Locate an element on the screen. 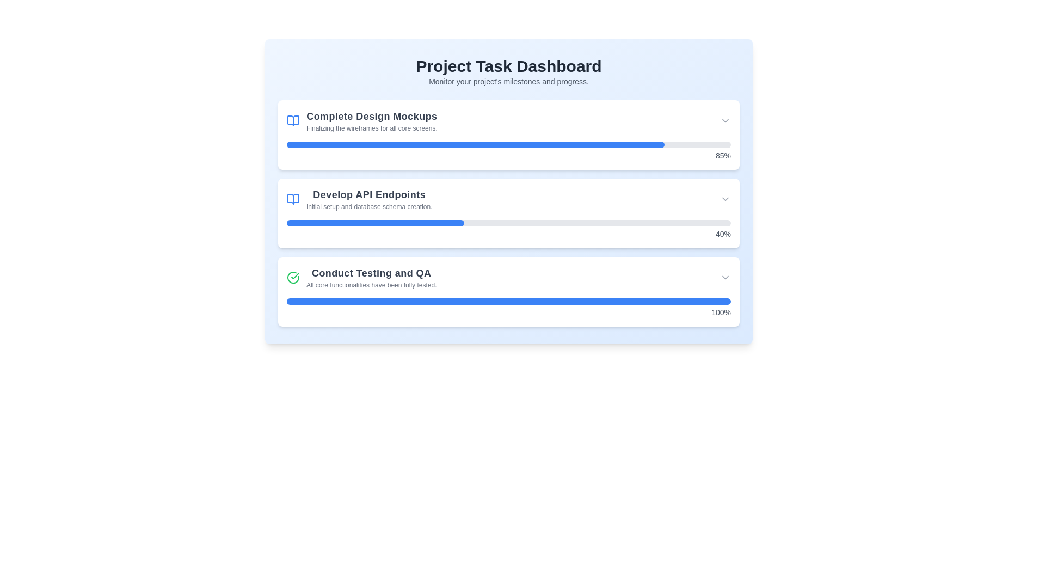 This screenshot has height=588, width=1045. the text '85%' on the progress indicator is located at coordinates (508, 151).